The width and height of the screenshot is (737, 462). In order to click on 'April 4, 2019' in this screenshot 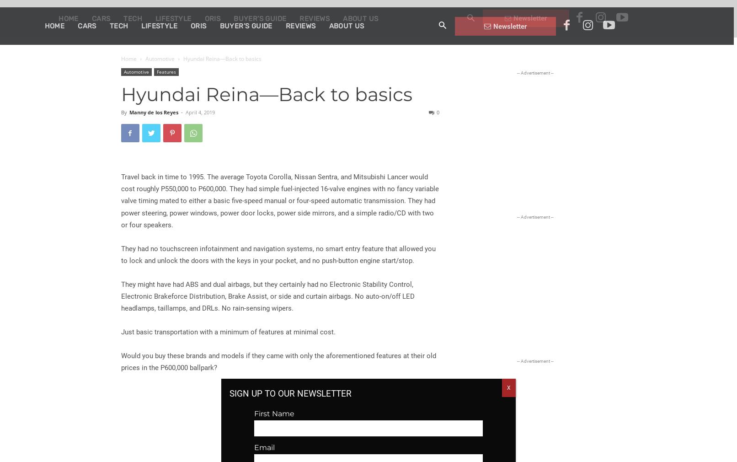, I will do `click(200, 112)`.